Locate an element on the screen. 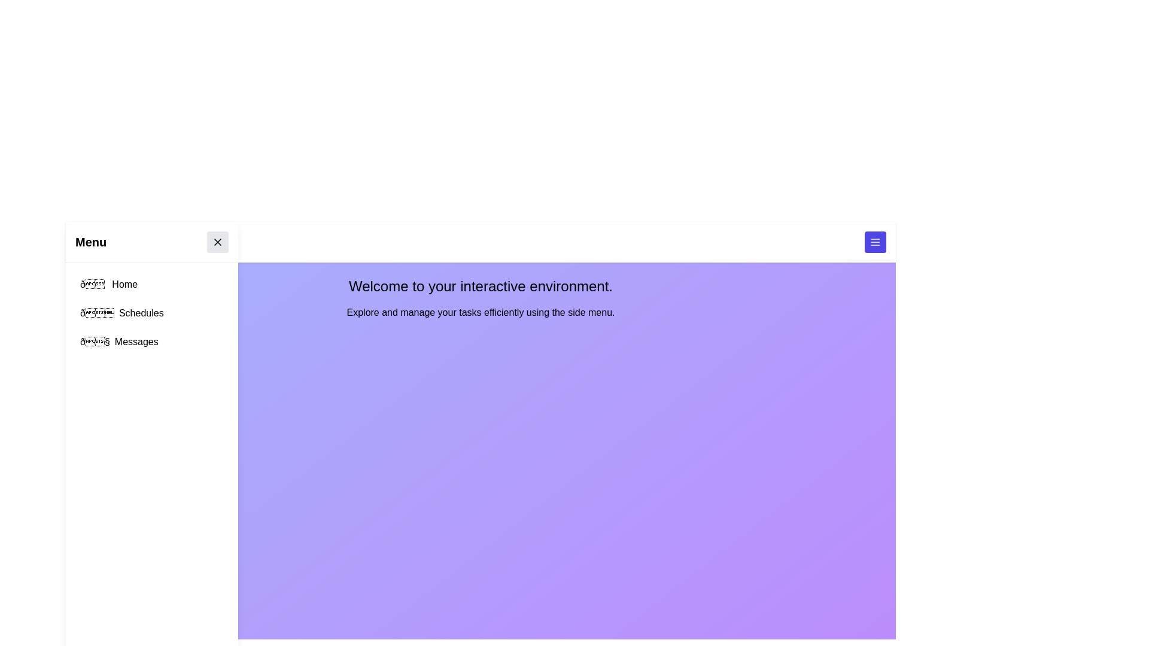 This screenshot has width=1149, height=646. the menu toggle button located at the top-right corner of the interface, beside the 'Dashboard' text is located at coordinates (876, 242).